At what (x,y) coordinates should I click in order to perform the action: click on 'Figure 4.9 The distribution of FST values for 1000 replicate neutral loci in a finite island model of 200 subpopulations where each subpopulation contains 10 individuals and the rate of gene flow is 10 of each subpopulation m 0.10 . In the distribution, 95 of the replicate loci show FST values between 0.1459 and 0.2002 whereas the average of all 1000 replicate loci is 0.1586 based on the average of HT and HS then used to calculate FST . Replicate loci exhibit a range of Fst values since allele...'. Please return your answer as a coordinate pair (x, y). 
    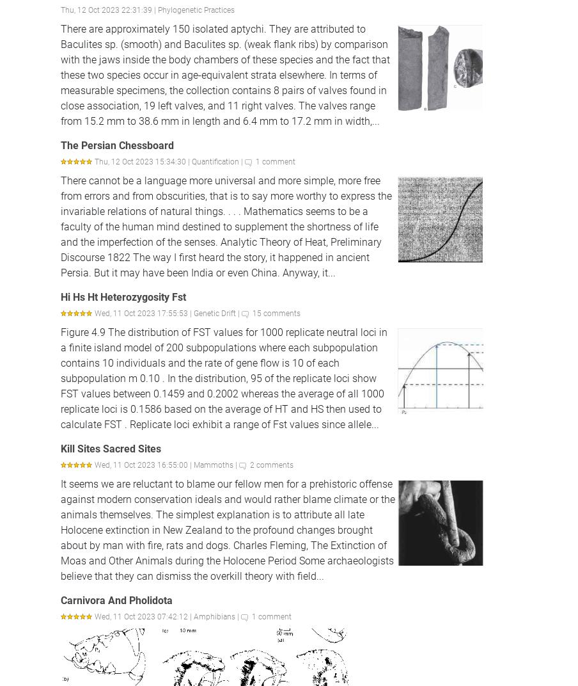
    Looking at the image, I should click on (223, 377).